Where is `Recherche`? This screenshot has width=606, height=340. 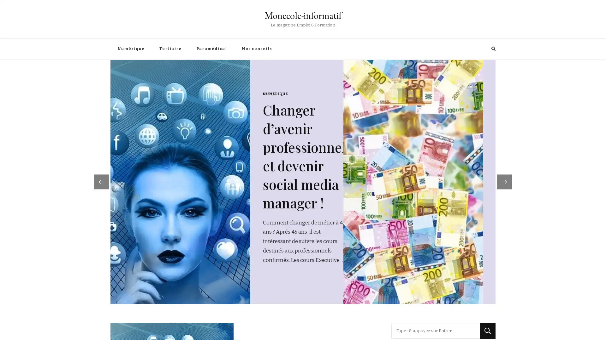
Recherche is located at coordinates (487, 275).